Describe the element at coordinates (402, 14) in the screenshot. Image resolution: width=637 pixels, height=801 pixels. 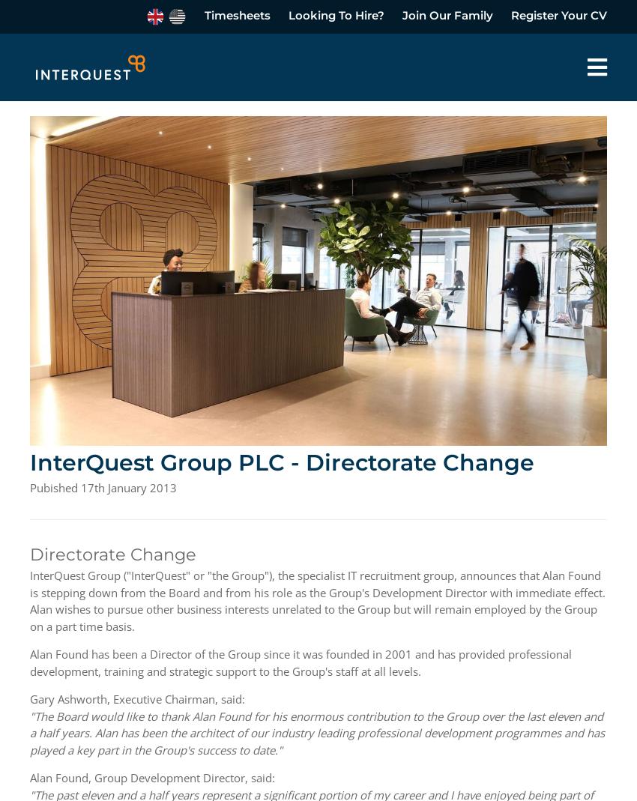
I see `'Join Our Family'` at that location.